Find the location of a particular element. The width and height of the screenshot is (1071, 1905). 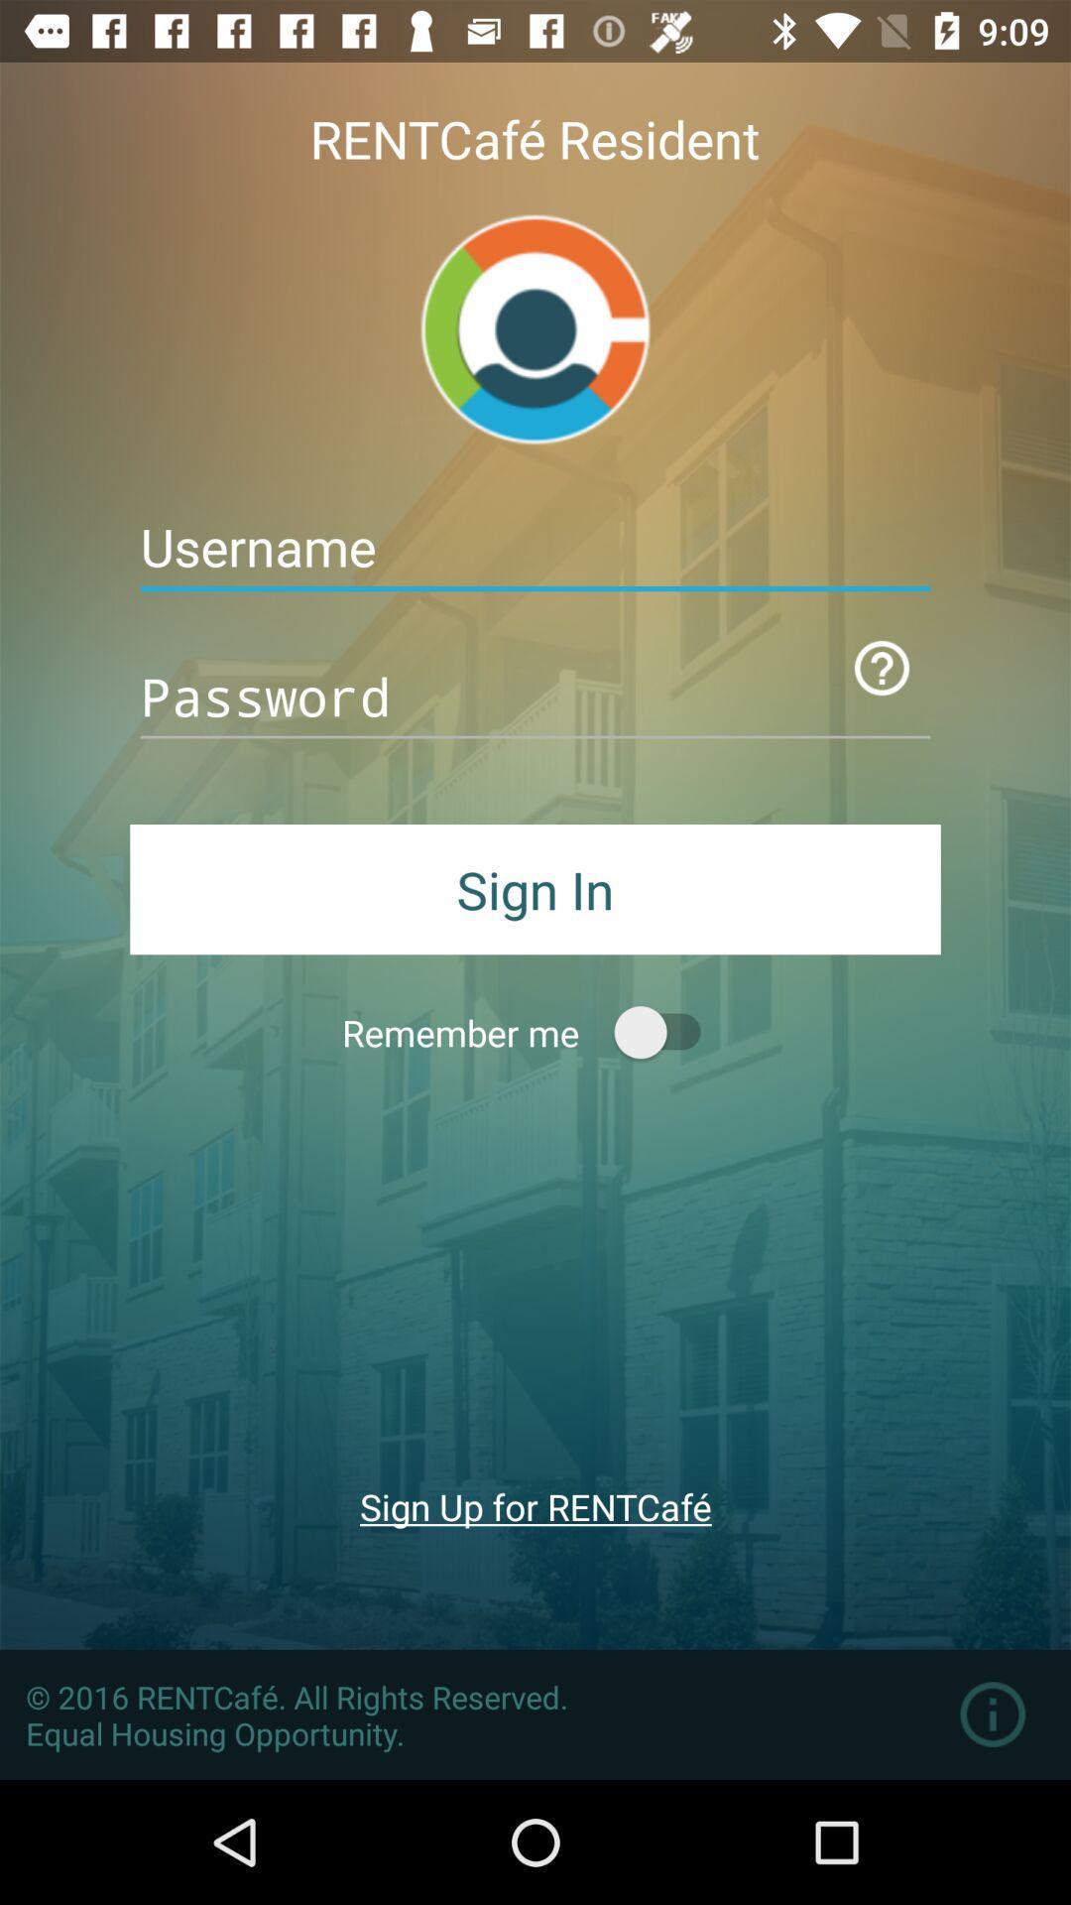

remember me turned off is located at coordinates (666, 1032).